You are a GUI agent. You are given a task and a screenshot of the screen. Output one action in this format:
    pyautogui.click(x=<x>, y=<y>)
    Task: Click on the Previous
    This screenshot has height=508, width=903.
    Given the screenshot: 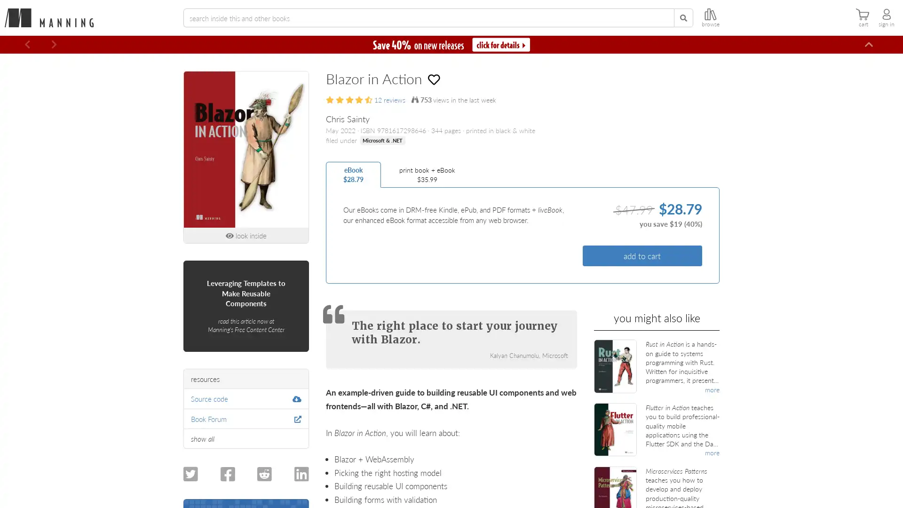 What is the action you would take?
    pyautogui.click(x=27, y=45)
    